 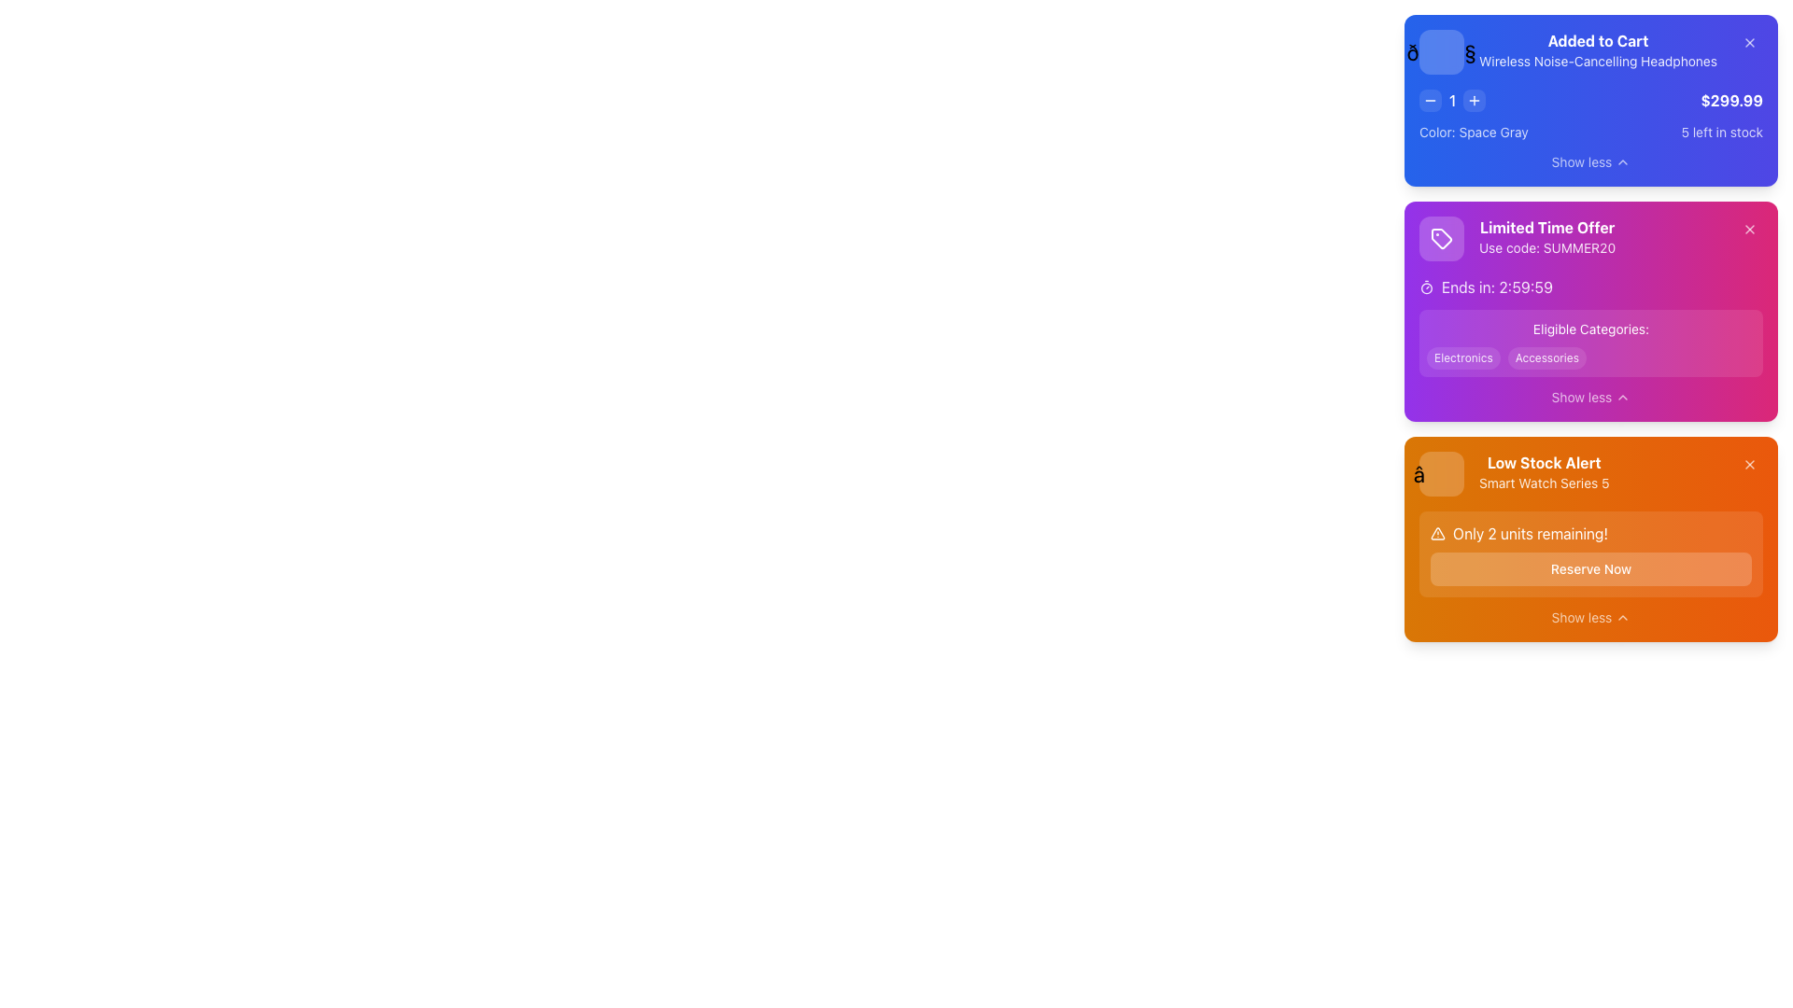 What do you see at coordinates (1748, 463) in the screenshot?
I see `the close button located in the top-right corner of the 'Low Stock Alert' pane` at bounding box center [1748, 463].